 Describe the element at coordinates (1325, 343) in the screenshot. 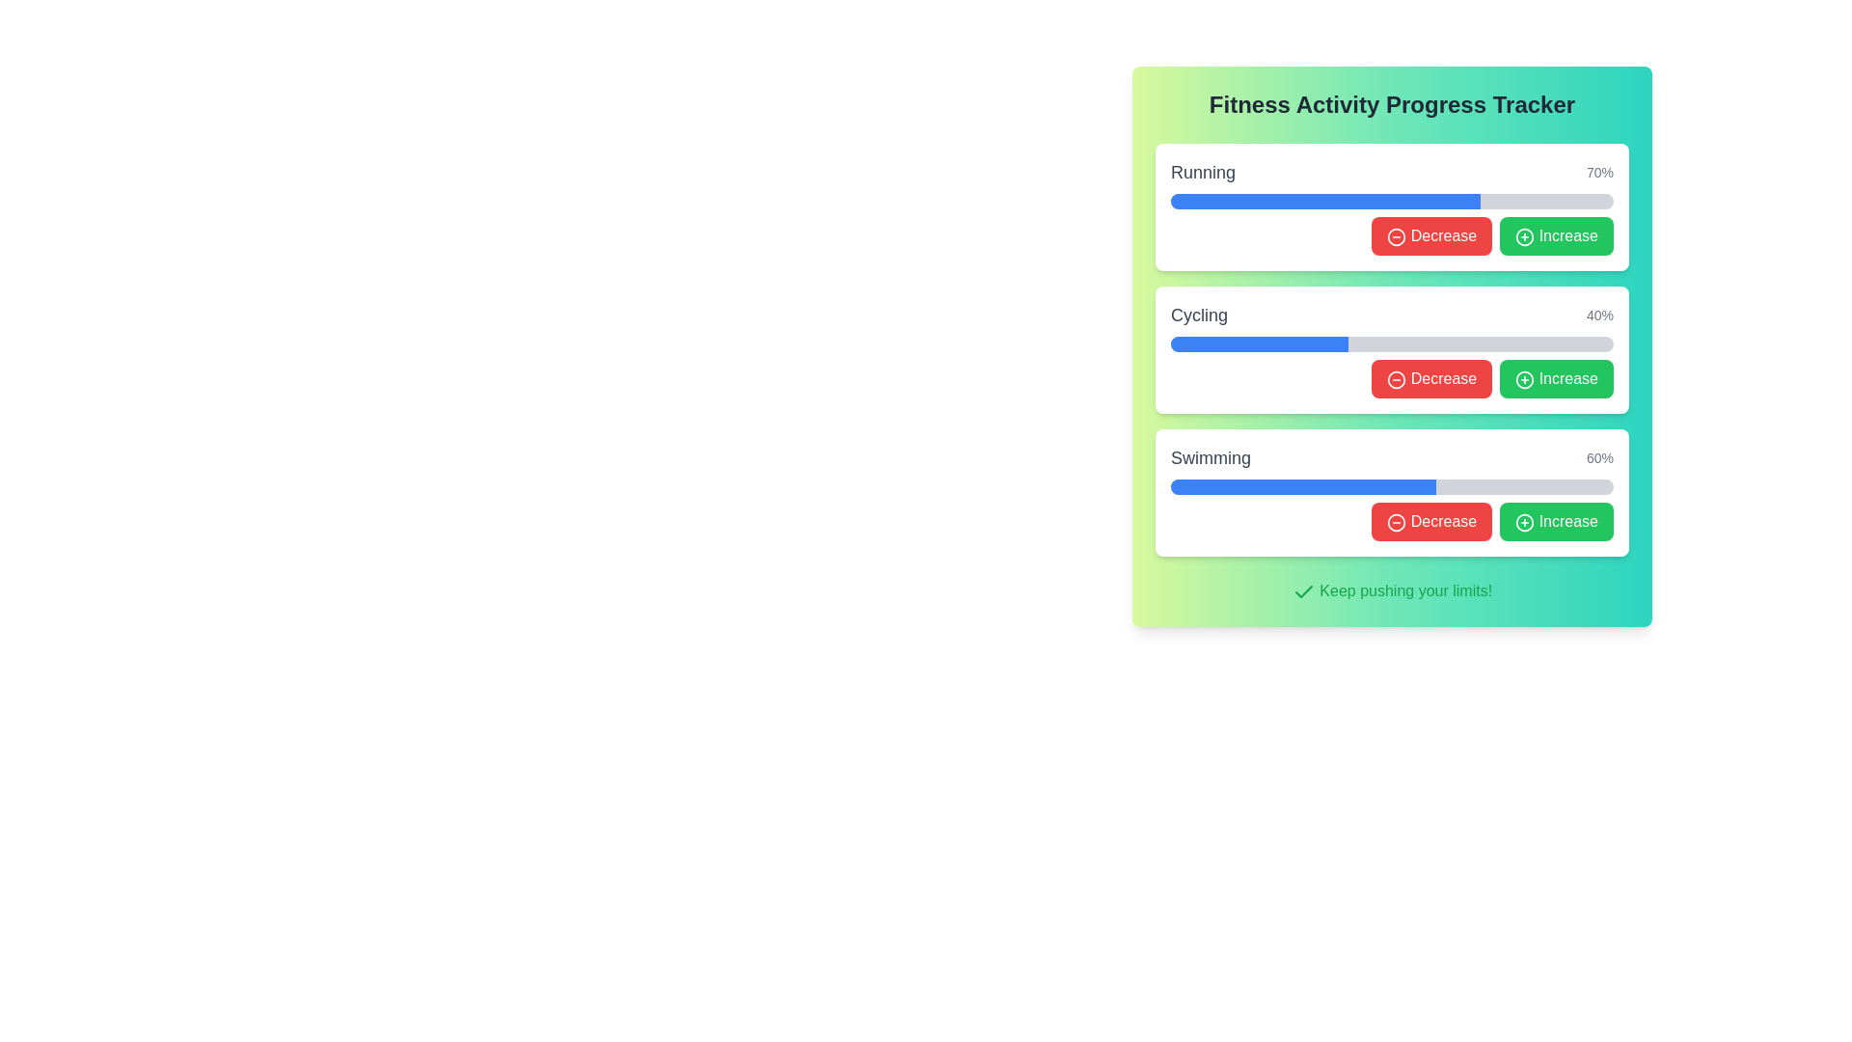

I see `the progress for cycling activity` at that location.